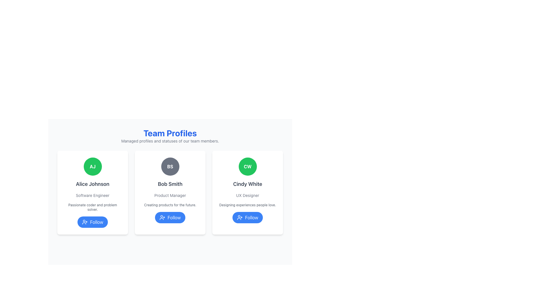 The image size is (545, 306). Describe the element at coordinates (170, 192) in the screenshot. I see `the 'Follow' button on the Profile Card for Bob Smith, which is a blue button located at the bottom of the card` at that location.